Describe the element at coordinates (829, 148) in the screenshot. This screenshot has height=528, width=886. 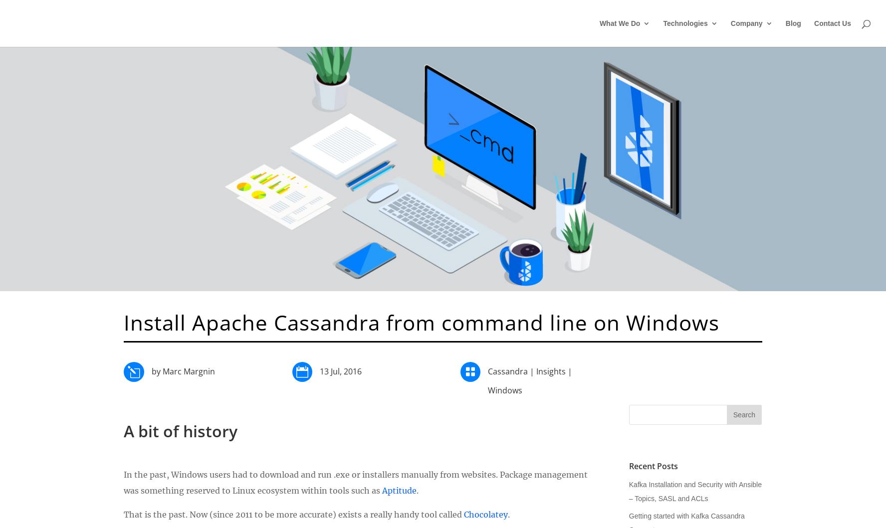
I see `'Apache Hadoop'` at that location.